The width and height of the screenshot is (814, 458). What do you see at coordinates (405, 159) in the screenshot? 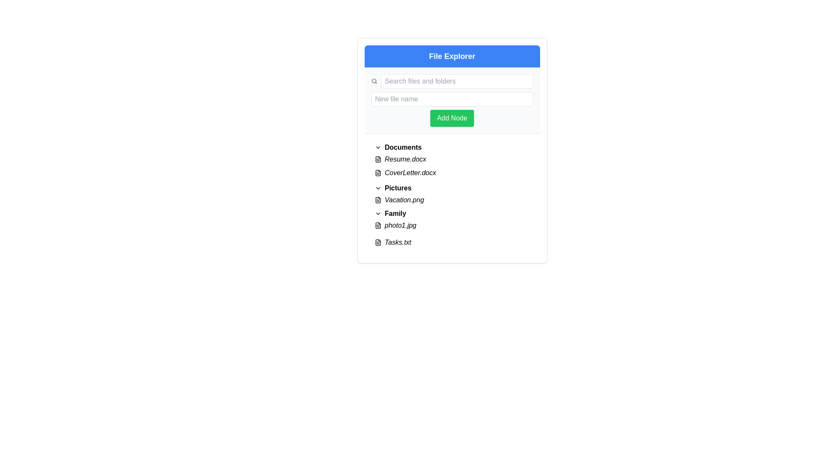
I see `the text label associated with the file entry named 'Resume.docx', which is the second item in the 'Documents' section of the file explorer interface` at bounding box center [405, 159].